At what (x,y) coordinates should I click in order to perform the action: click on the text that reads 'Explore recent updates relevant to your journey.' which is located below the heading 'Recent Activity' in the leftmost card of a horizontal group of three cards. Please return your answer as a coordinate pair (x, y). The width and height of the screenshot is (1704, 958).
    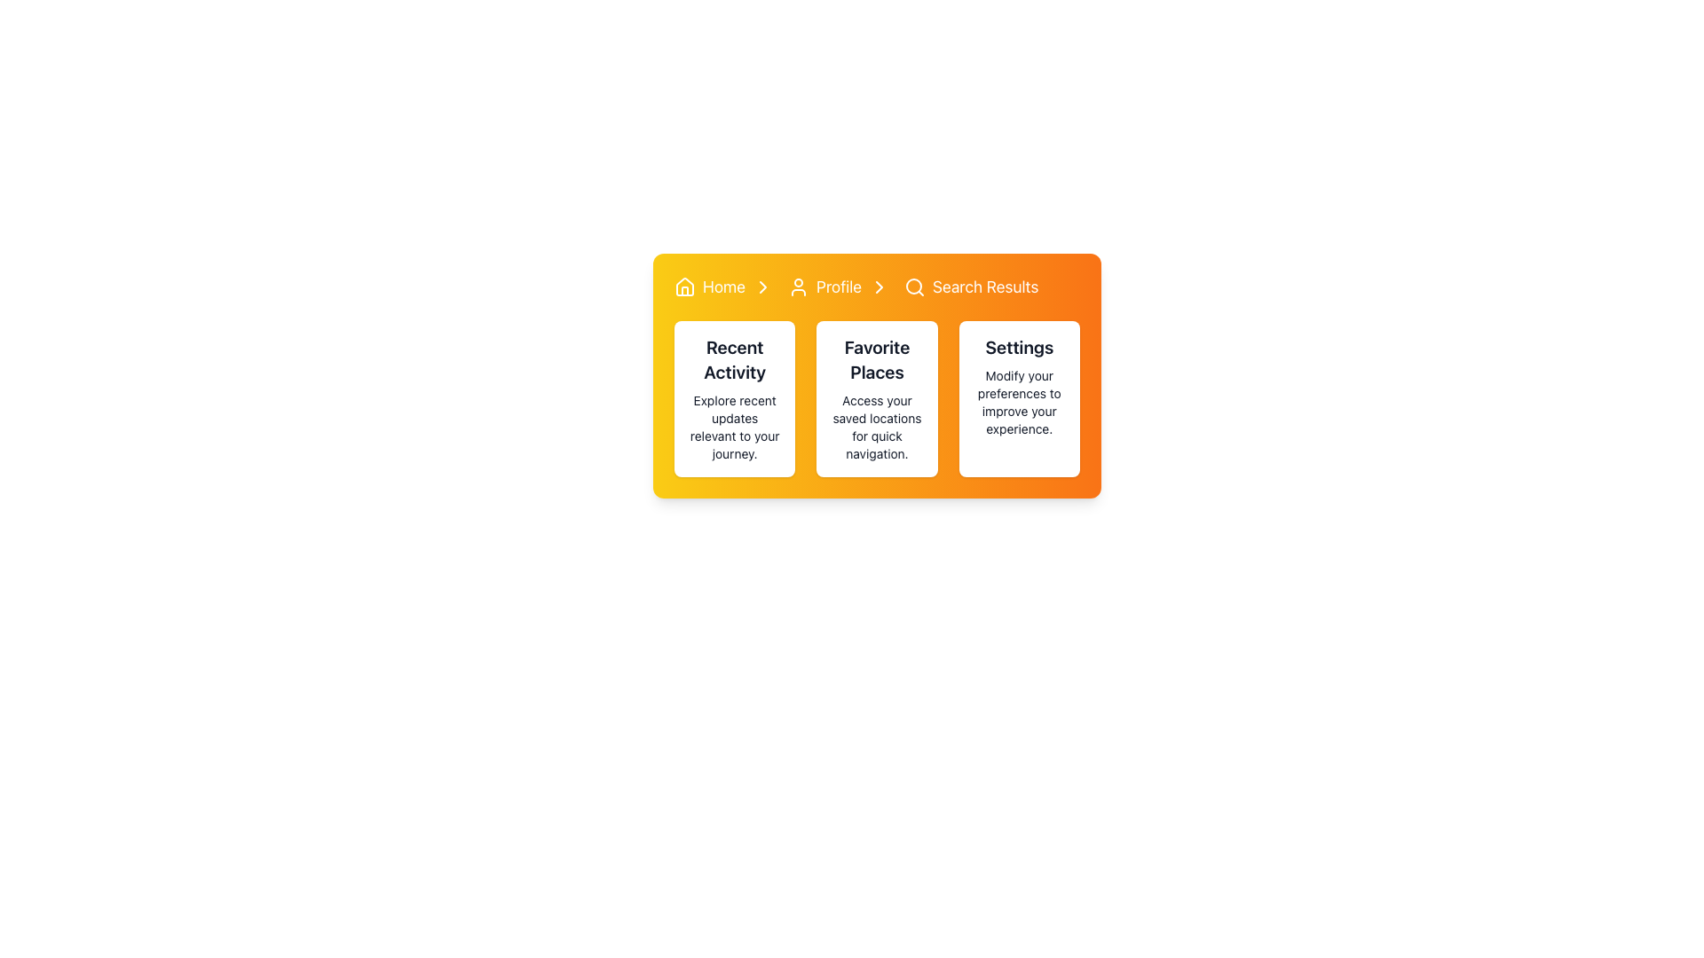
    Looking at the image, I should click on (735, 428).